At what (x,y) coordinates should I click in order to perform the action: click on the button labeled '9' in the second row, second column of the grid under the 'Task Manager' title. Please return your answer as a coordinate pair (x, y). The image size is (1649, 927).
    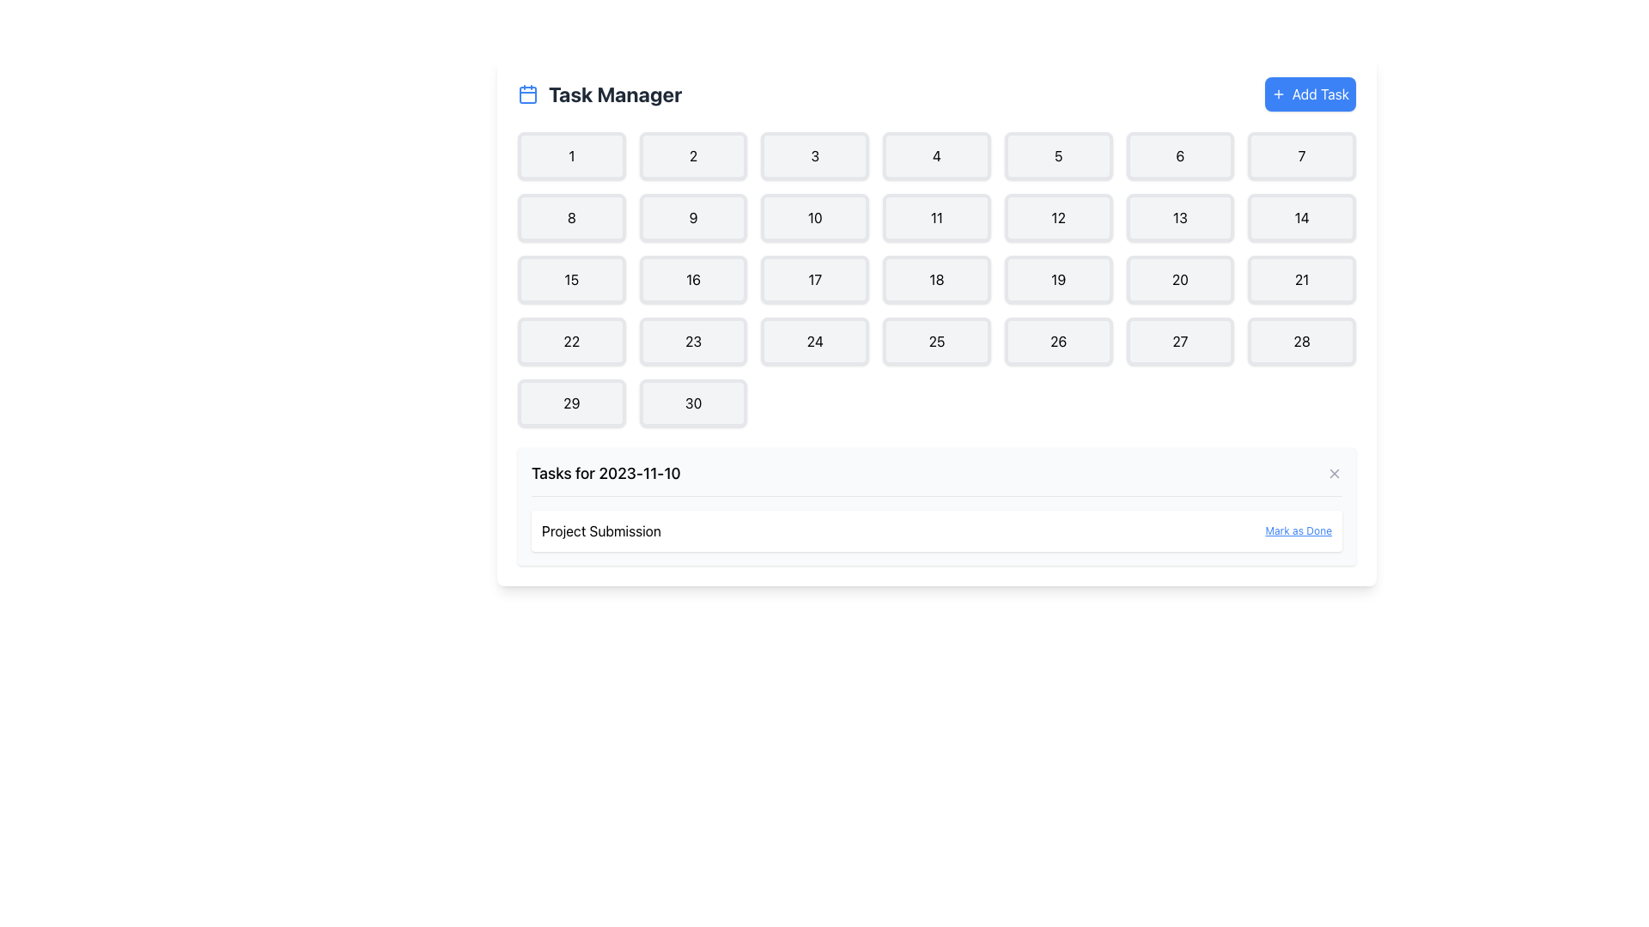
    Looking at the image, I should click on (693, 217).